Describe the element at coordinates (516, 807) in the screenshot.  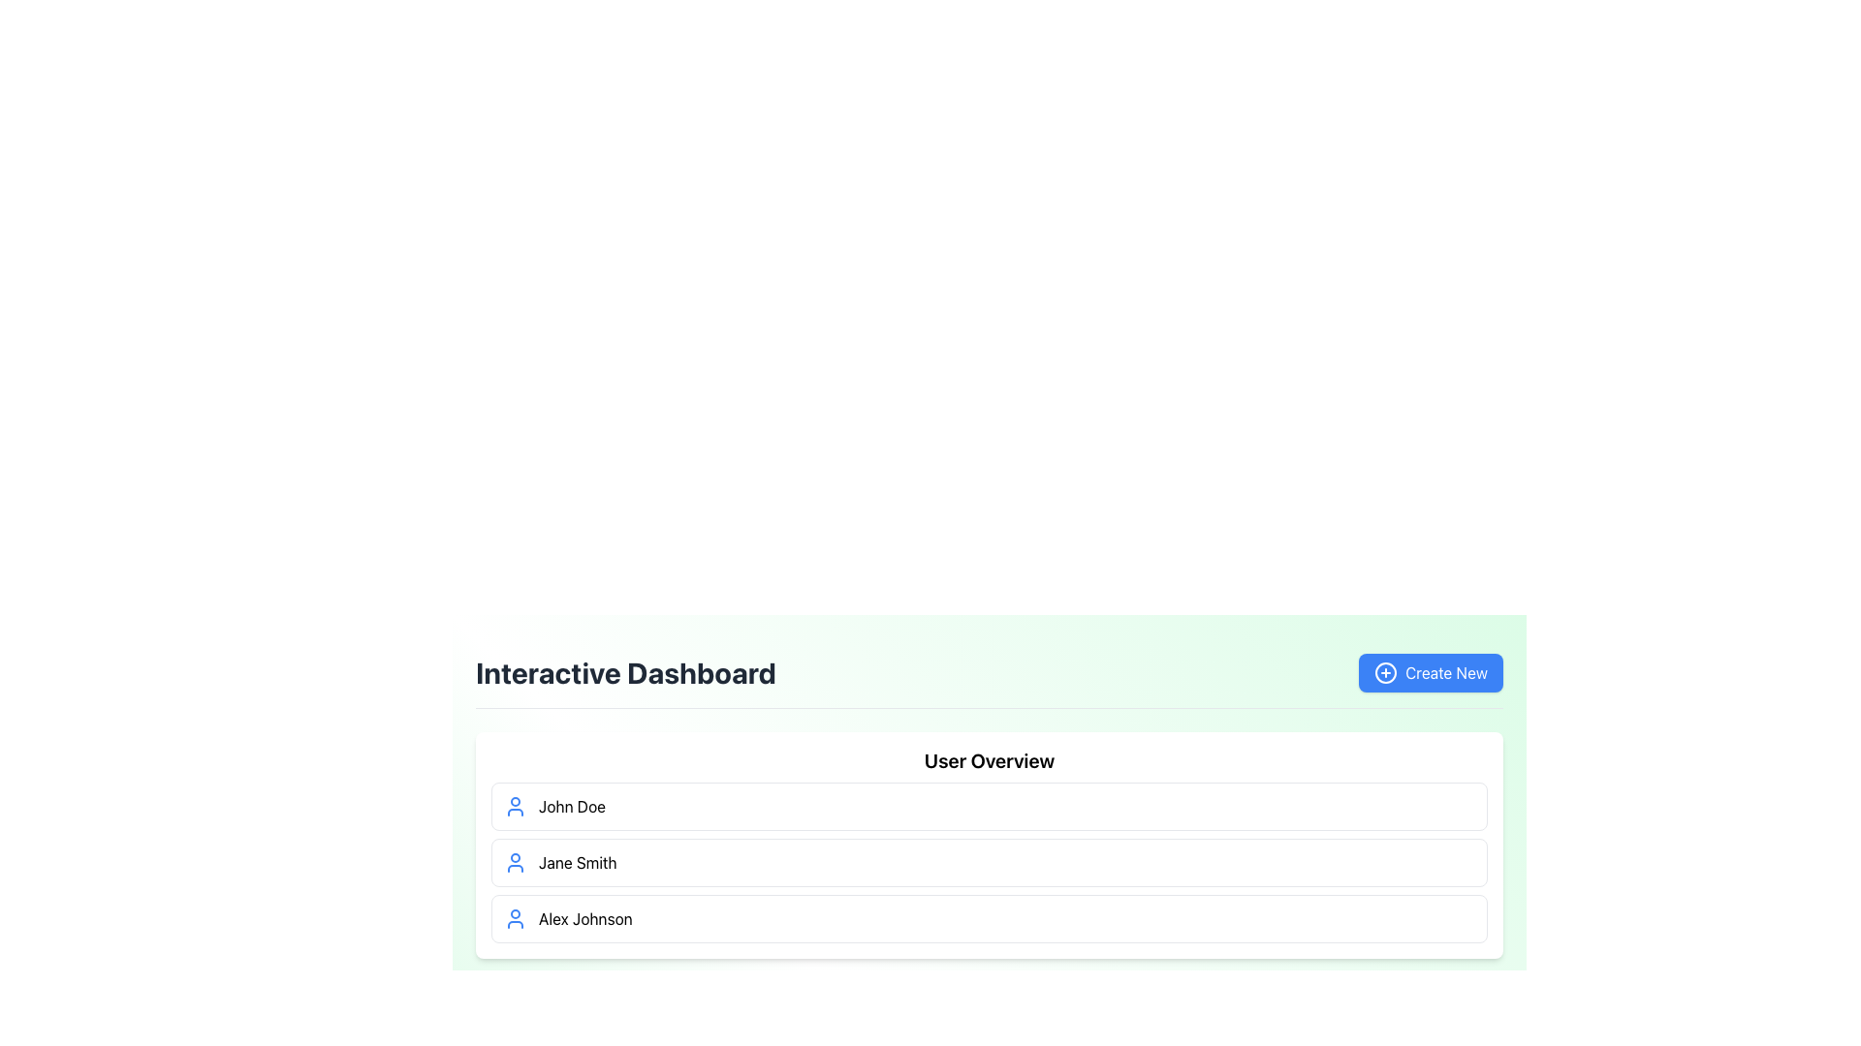
I see `the profile indicator icon` at that location.